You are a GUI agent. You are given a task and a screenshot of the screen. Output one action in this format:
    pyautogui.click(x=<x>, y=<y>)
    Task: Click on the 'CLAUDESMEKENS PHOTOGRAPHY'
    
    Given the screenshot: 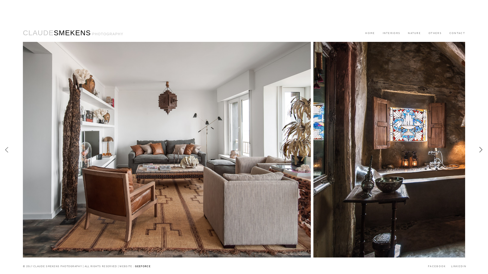 What is the action you would take?
    pyautogui.click(x=73, y=33)
    